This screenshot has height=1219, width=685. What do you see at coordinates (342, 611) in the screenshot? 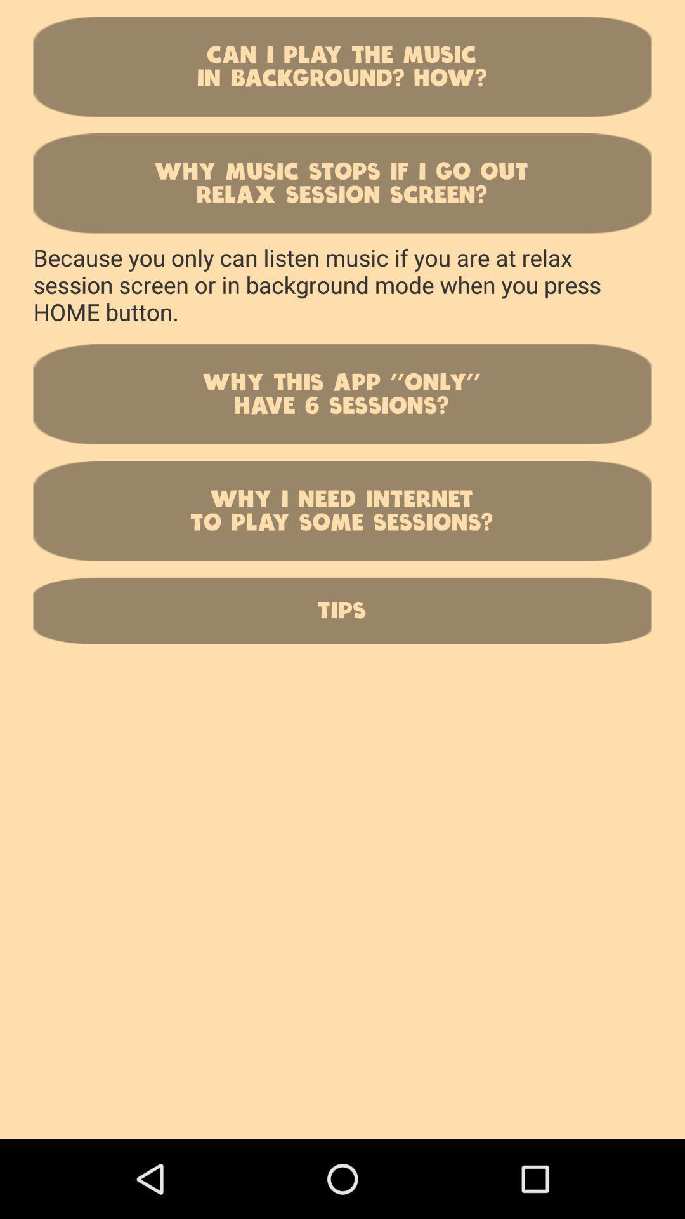
I see `tips button` at bounding box center [342, 611].